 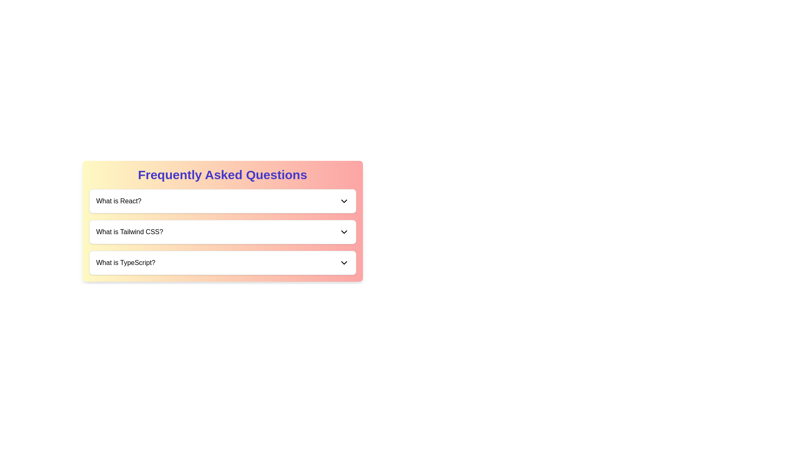 What do you see at coordinates (125, 263) in the screenshot?
I see `the text label that serves as the heading for the dropdown section in the 'Frequently Asked Questions'` at bounding box center [125, 263].